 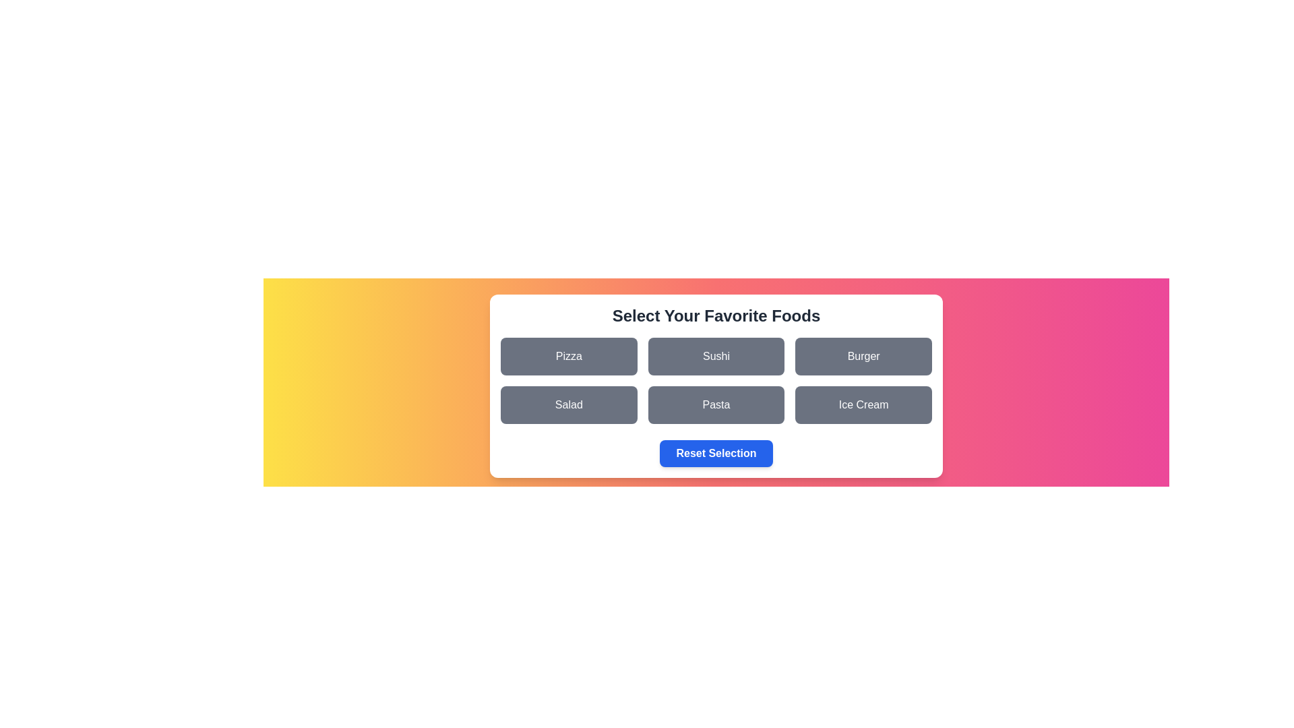 I want to click on the food item Burger, so click(x=863, y=355).